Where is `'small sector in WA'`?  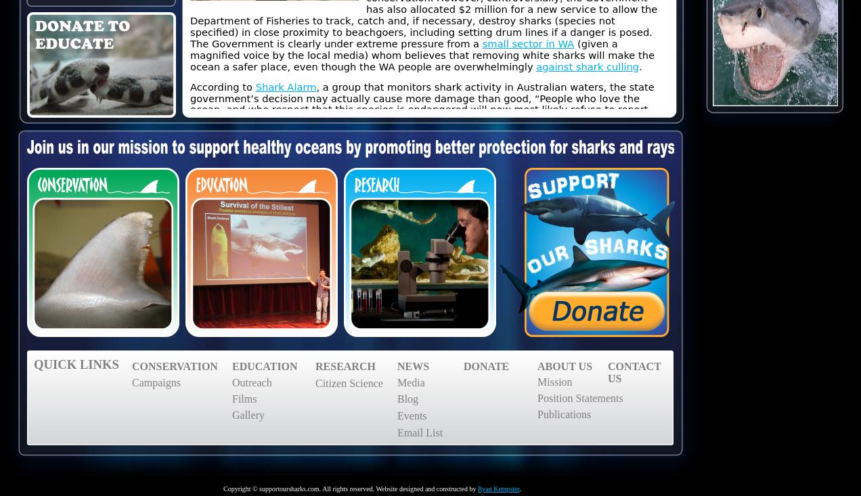 'small sector in WA' is located at coordinates (527, 42).